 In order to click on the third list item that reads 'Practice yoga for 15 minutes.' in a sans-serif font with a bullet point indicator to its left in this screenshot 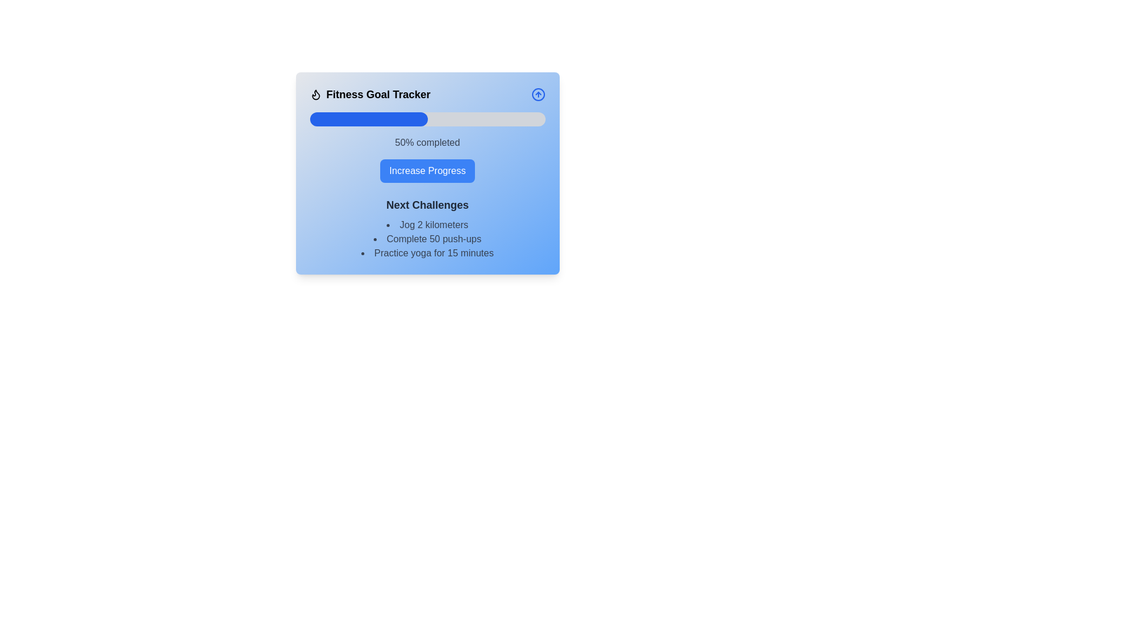, I will do `click(427, 253)`.